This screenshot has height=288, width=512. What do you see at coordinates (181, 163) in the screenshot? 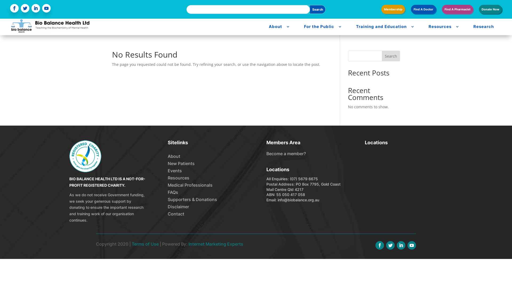
I see `'New Patients'` at bounding box center [181, 163].